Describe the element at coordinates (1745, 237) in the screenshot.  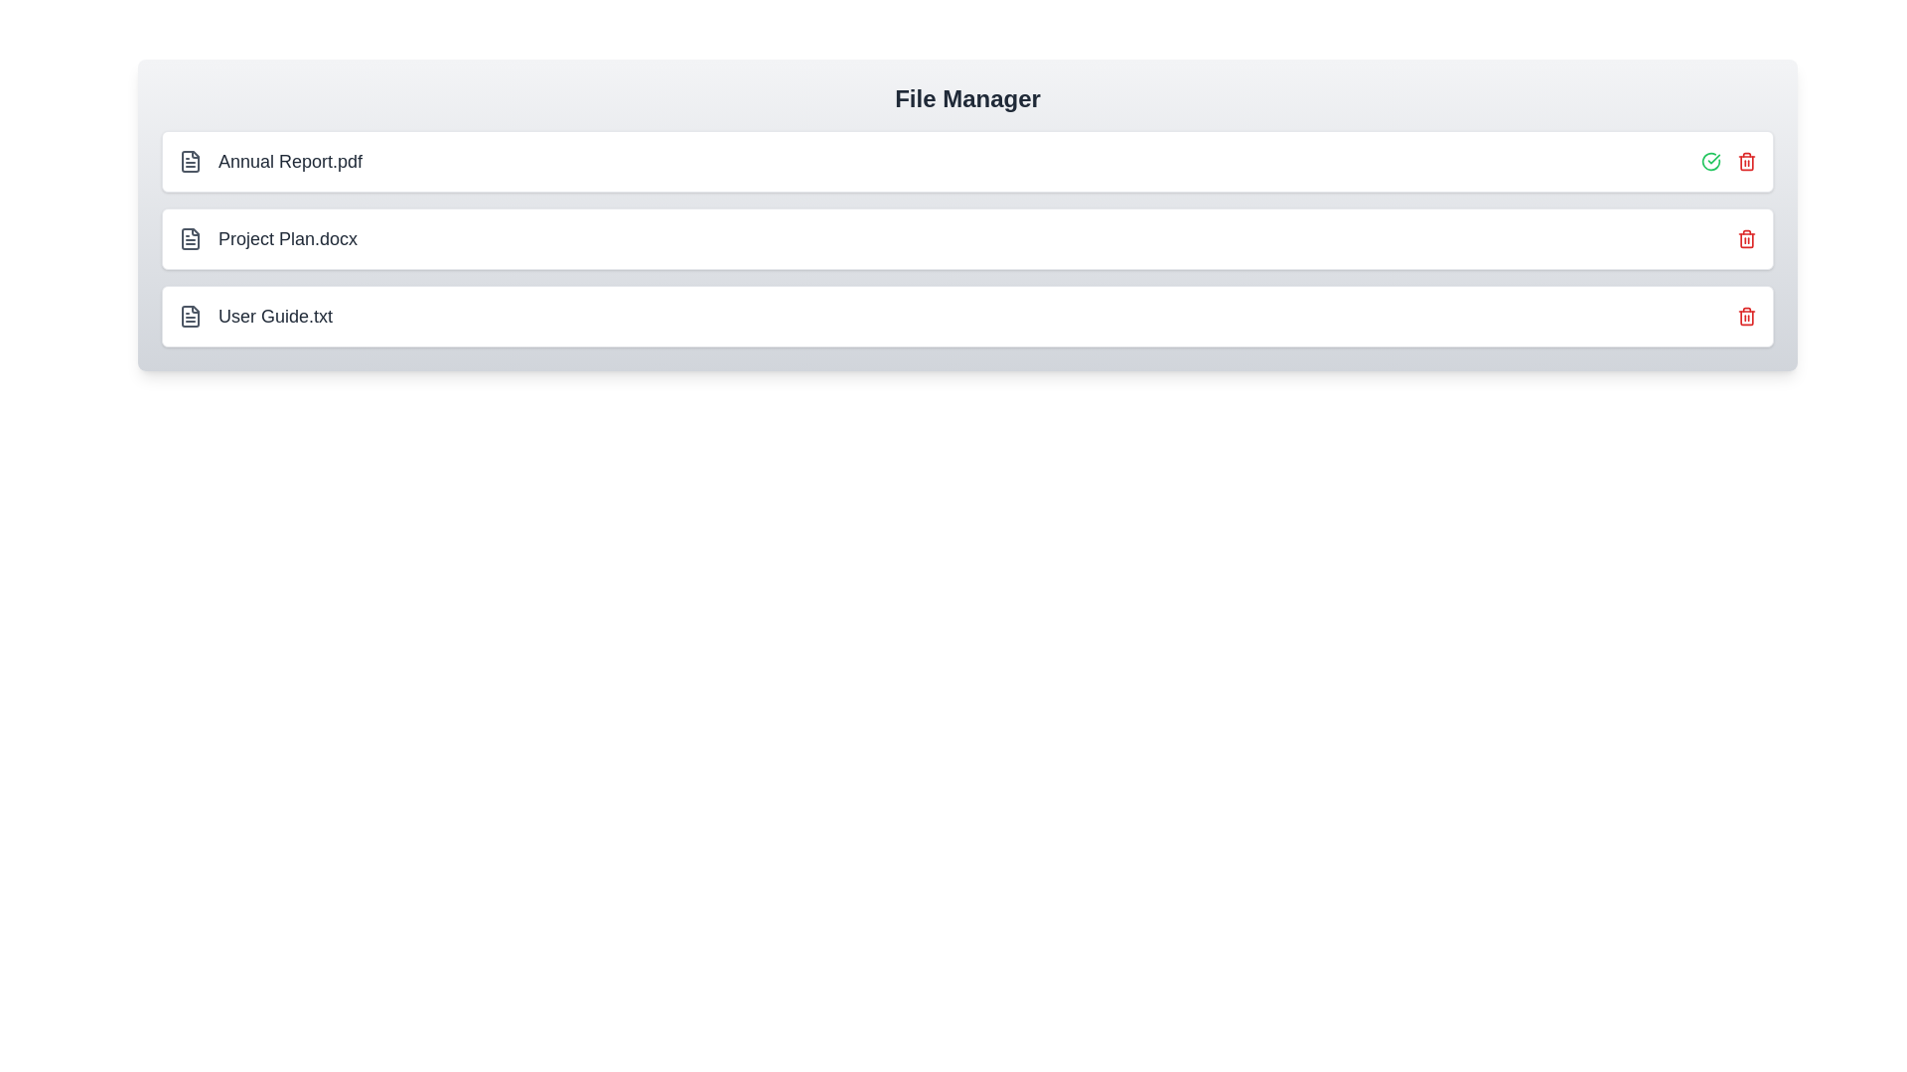
I see `the delete button located at the far-right side of the entry for 'Project Plan.docx'` at that location.